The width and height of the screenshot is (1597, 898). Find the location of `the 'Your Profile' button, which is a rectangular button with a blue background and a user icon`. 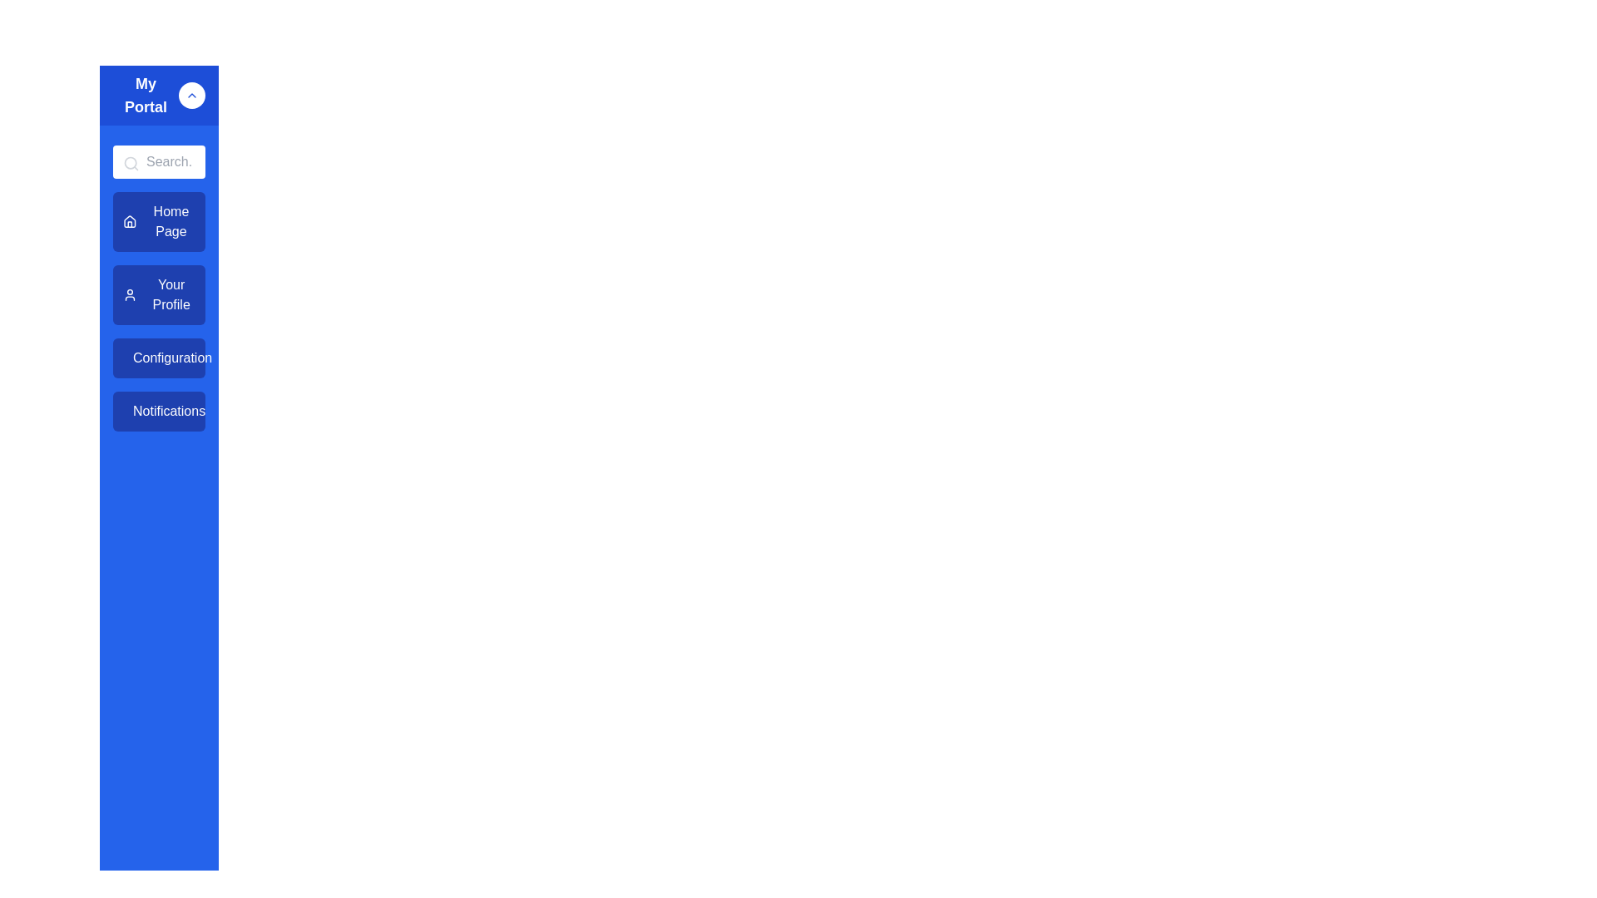

the 'Your Profile' button, which is a rectangular button with a blue background and a user icon is located at coordinates (159, 294).